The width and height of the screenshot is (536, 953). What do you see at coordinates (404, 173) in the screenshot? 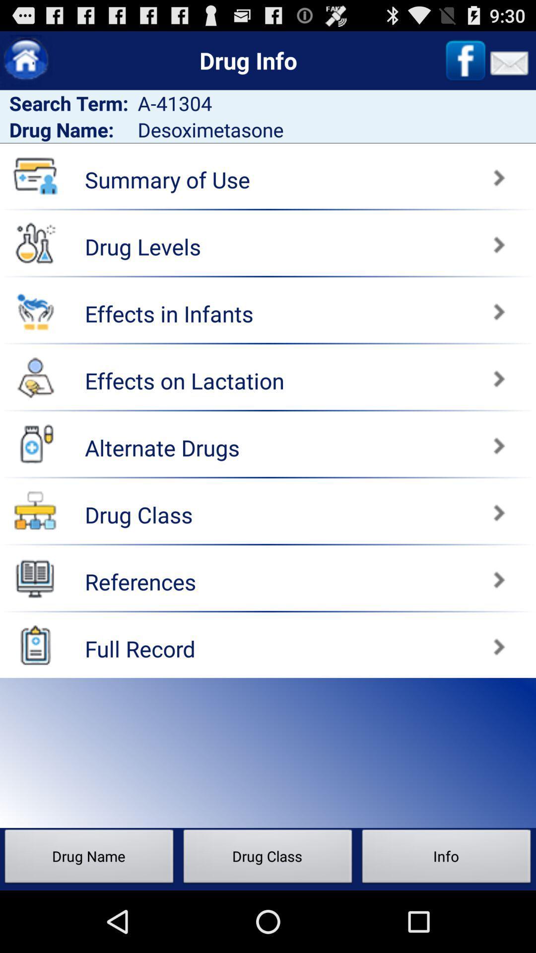
I see `open summary` at bounding box center [404, 173].